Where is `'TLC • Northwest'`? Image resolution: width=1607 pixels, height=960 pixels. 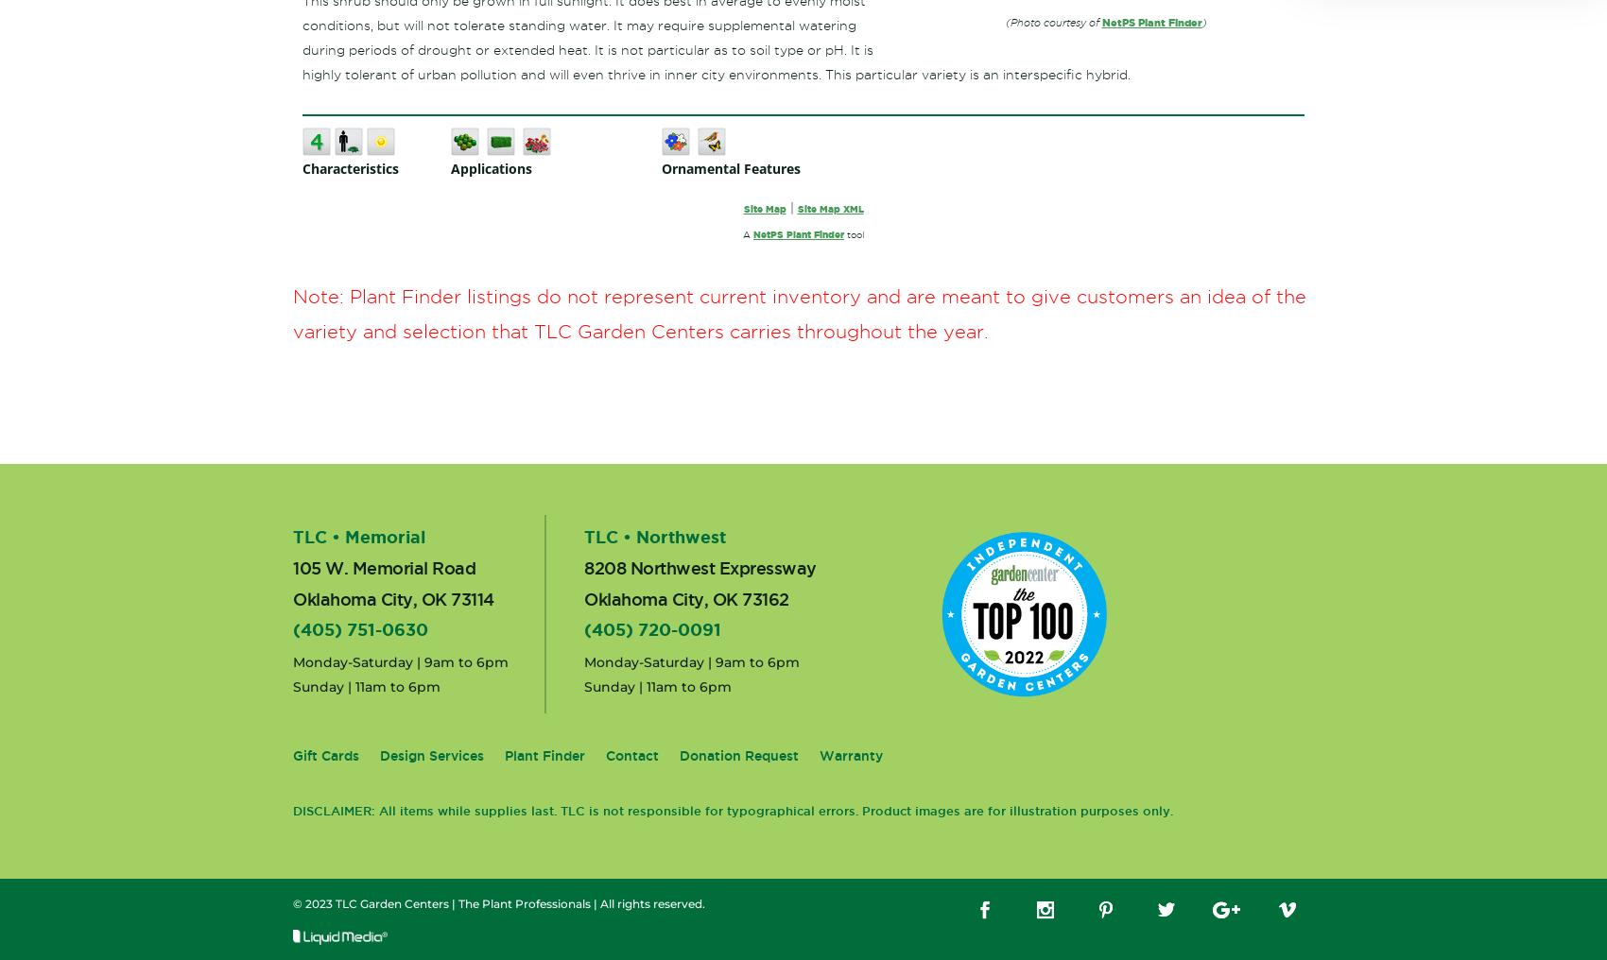
'TLC • Northwest' is located at coordinates (654, 536).